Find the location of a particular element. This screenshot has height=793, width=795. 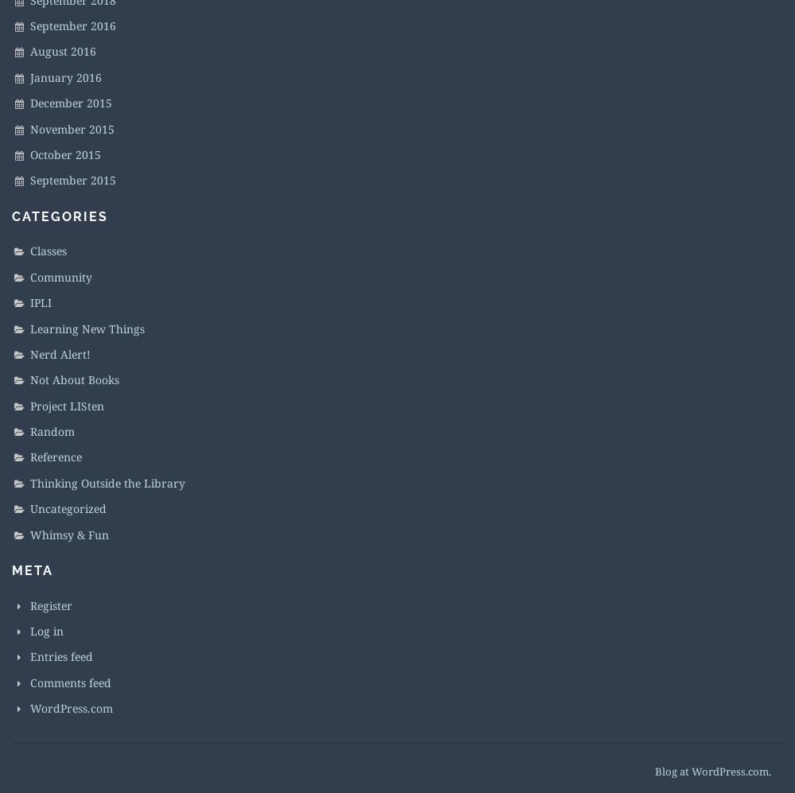

'Not About Books' is located at coordinates (74, 379).